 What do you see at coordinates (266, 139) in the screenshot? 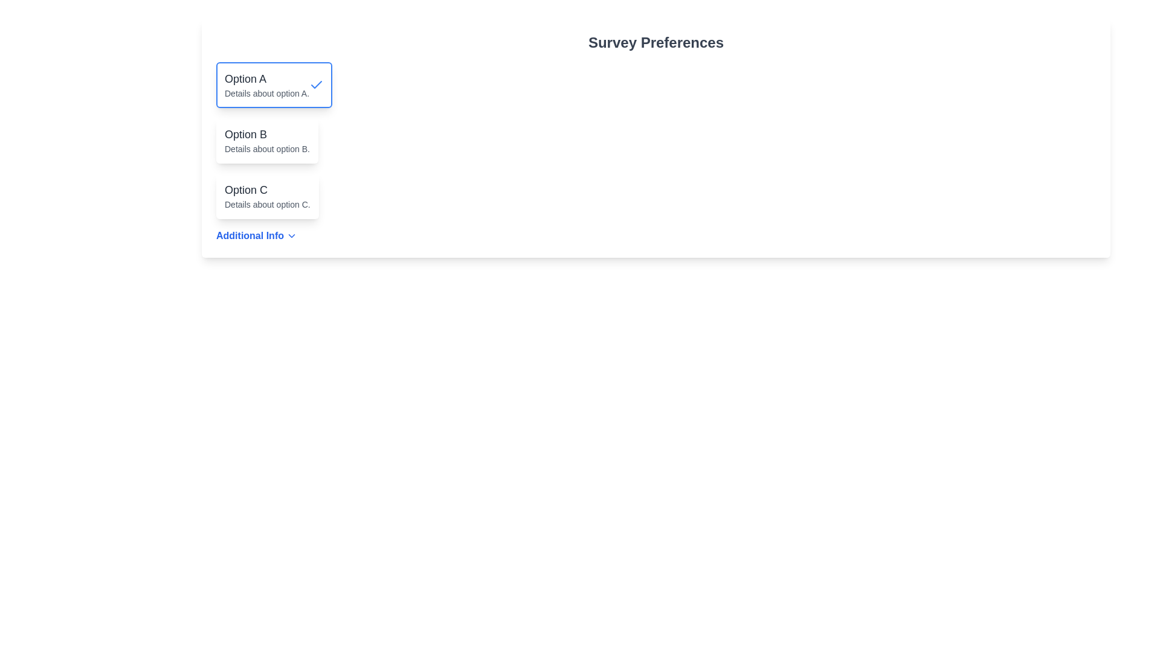
I see `the second card-like button in the vertically stacked list` at bounding box center [266, 139].